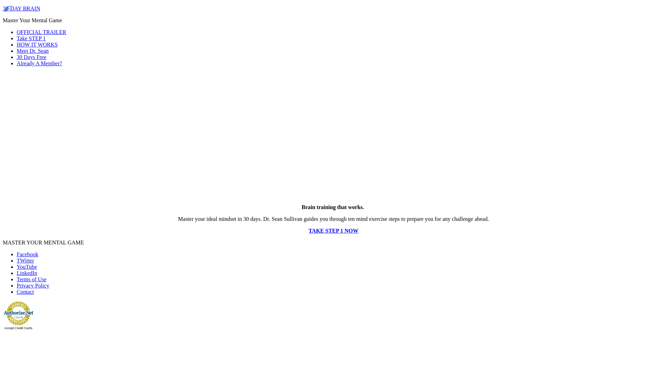  I want to click on 'Take STEP 1', so click(31, 38).